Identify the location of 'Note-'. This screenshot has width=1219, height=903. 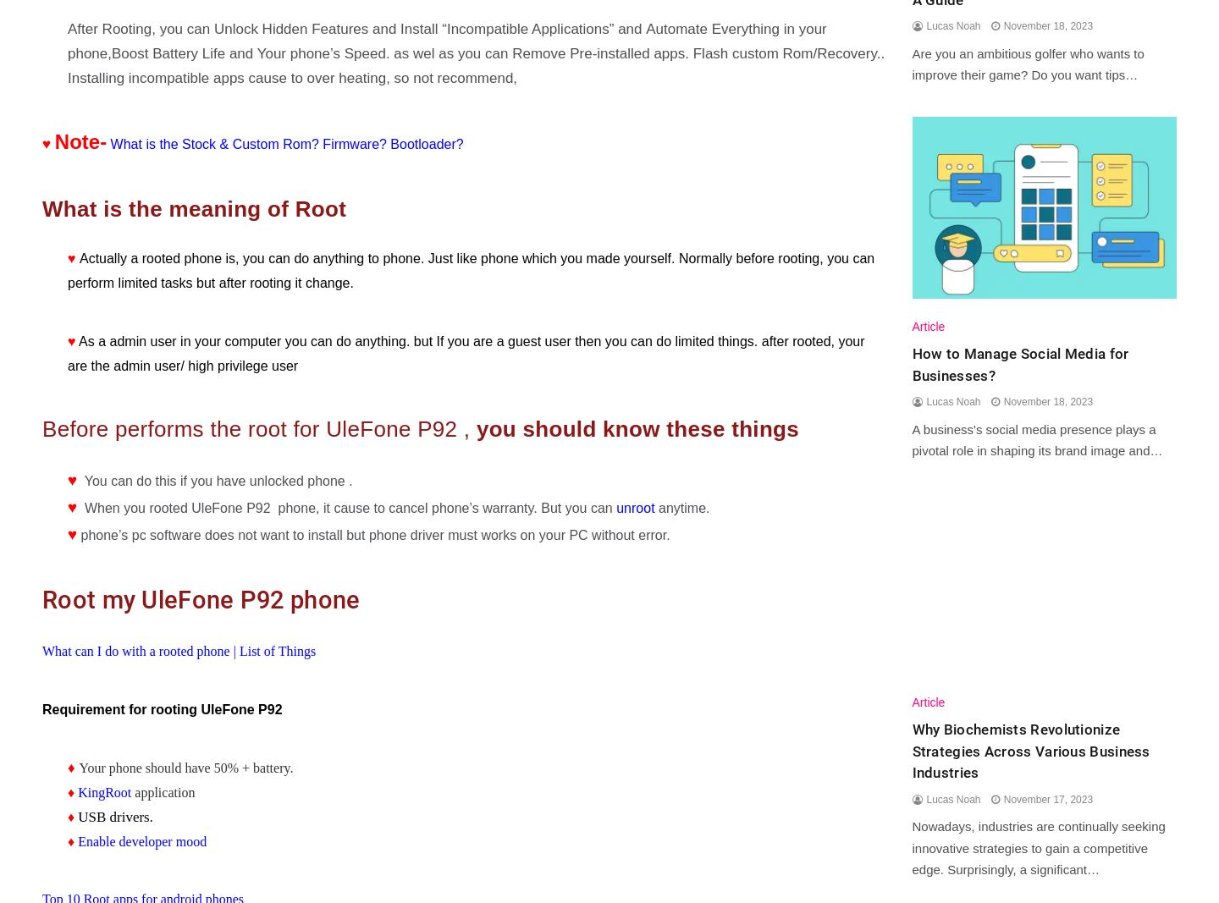
(80, 140).